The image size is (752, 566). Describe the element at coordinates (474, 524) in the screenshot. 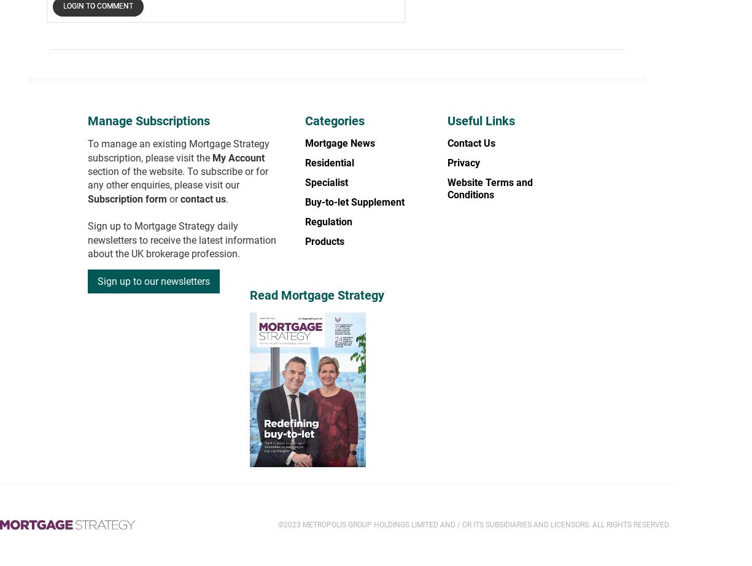

I see `'©2023 Metropolis Group Holdings Limited and / or its subsidiaries and licensors. All rights reserved.'` at that location.